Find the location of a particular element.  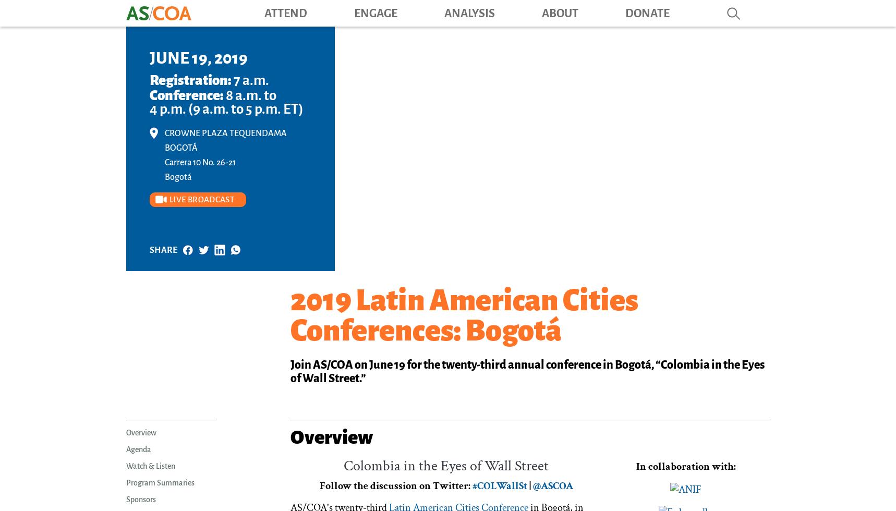

'Engage' is located at coordinates (375, 13).